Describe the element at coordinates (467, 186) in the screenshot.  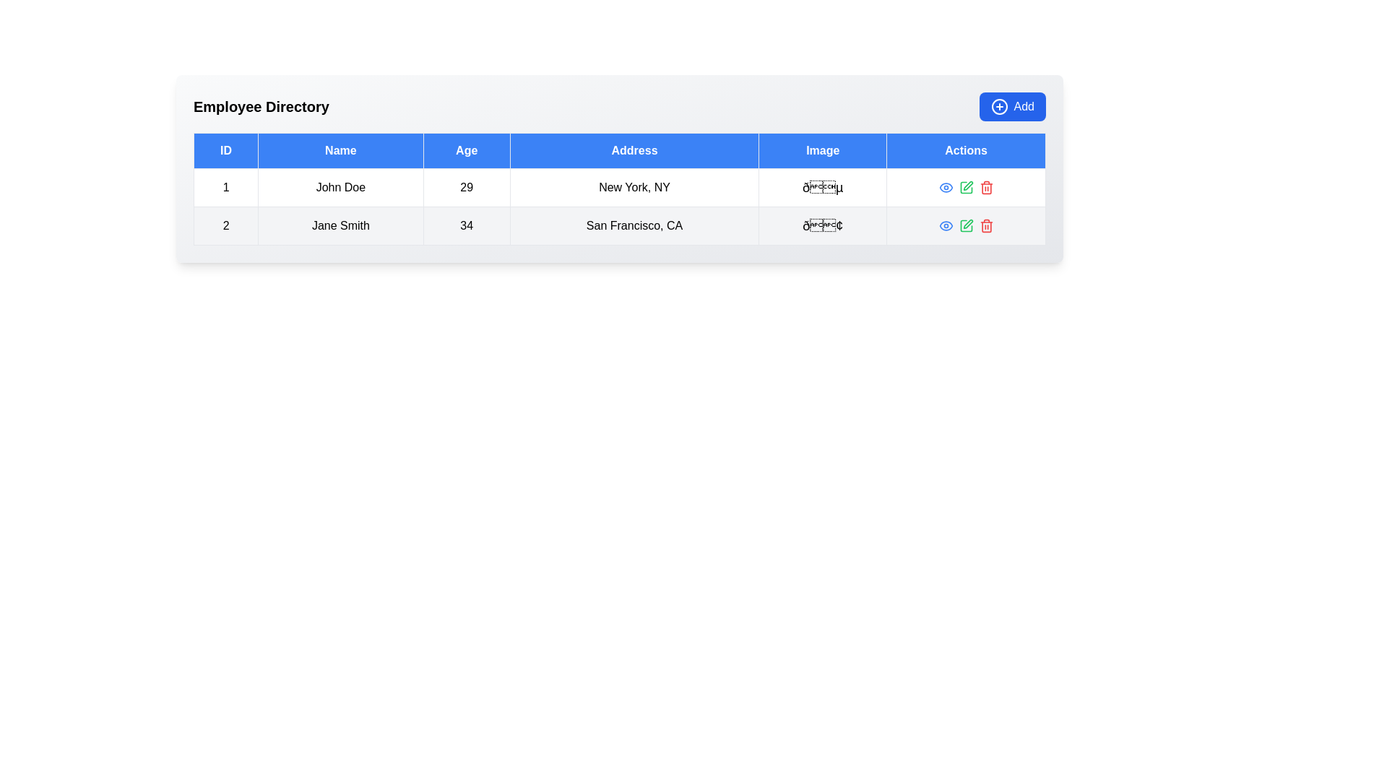
I see `the static table cell displaying the text '29' in the Age column of the table, which is positioned between 'John Doe' and 'New York, NY'` at that location.